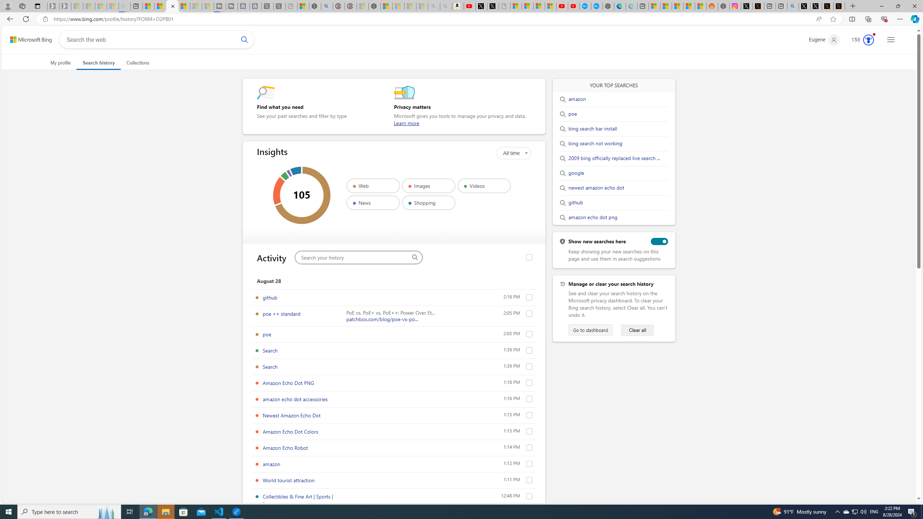 This screenshot has height=519, width=923. What do you see at coordinates (758, 6) in the screenshot?
I see `'help.x.com | 524: A timeout occurred'` at bounding box center [758, 6].